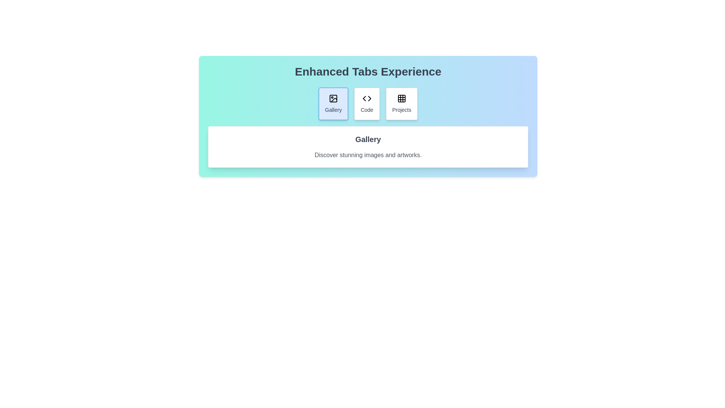 The image size is (725, 408). I want to click on the tab labeled Code to observe the hover effect, so click(367, 104).